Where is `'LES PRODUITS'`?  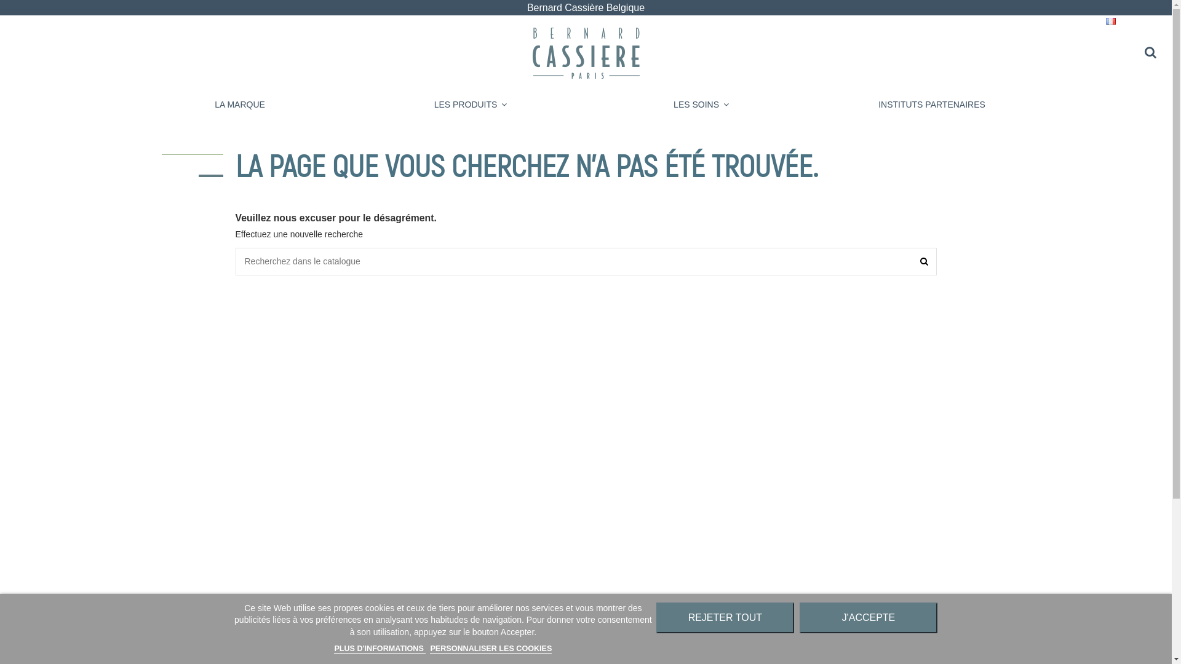 'LES PRODUITS' is located at coordinates (470, 104).